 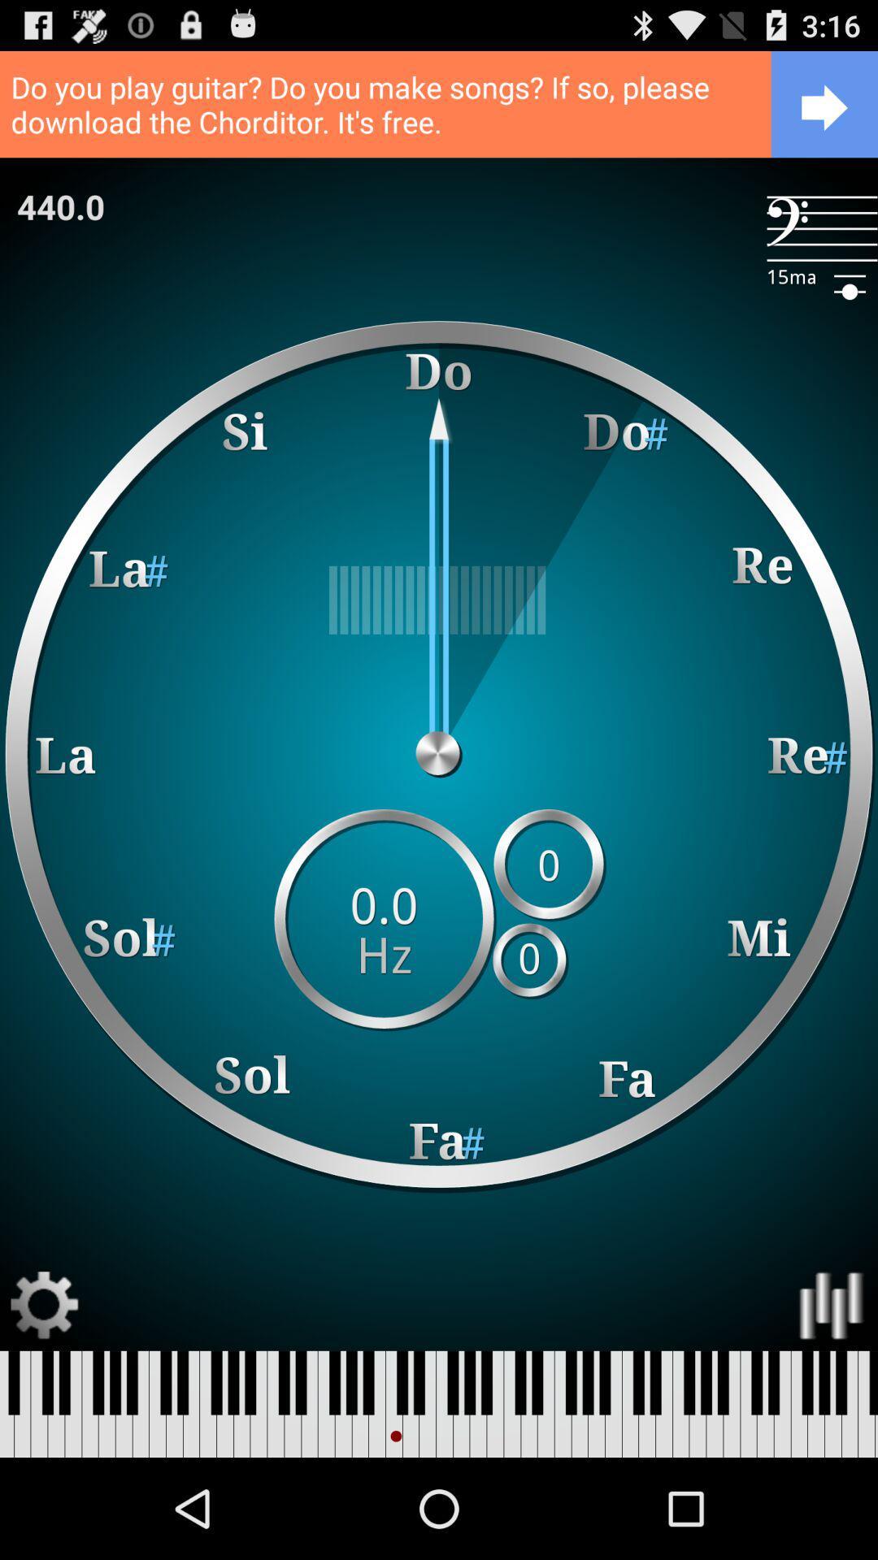 I want to click on item at the bottom left corner, so click(x=44, y=1306).